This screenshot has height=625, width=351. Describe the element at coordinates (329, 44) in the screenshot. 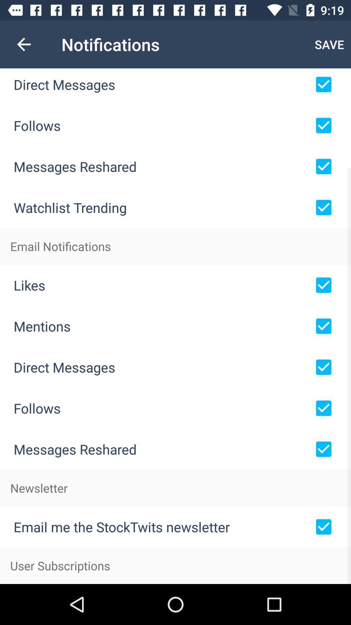

I see `the item to the right of notifications` at that location.